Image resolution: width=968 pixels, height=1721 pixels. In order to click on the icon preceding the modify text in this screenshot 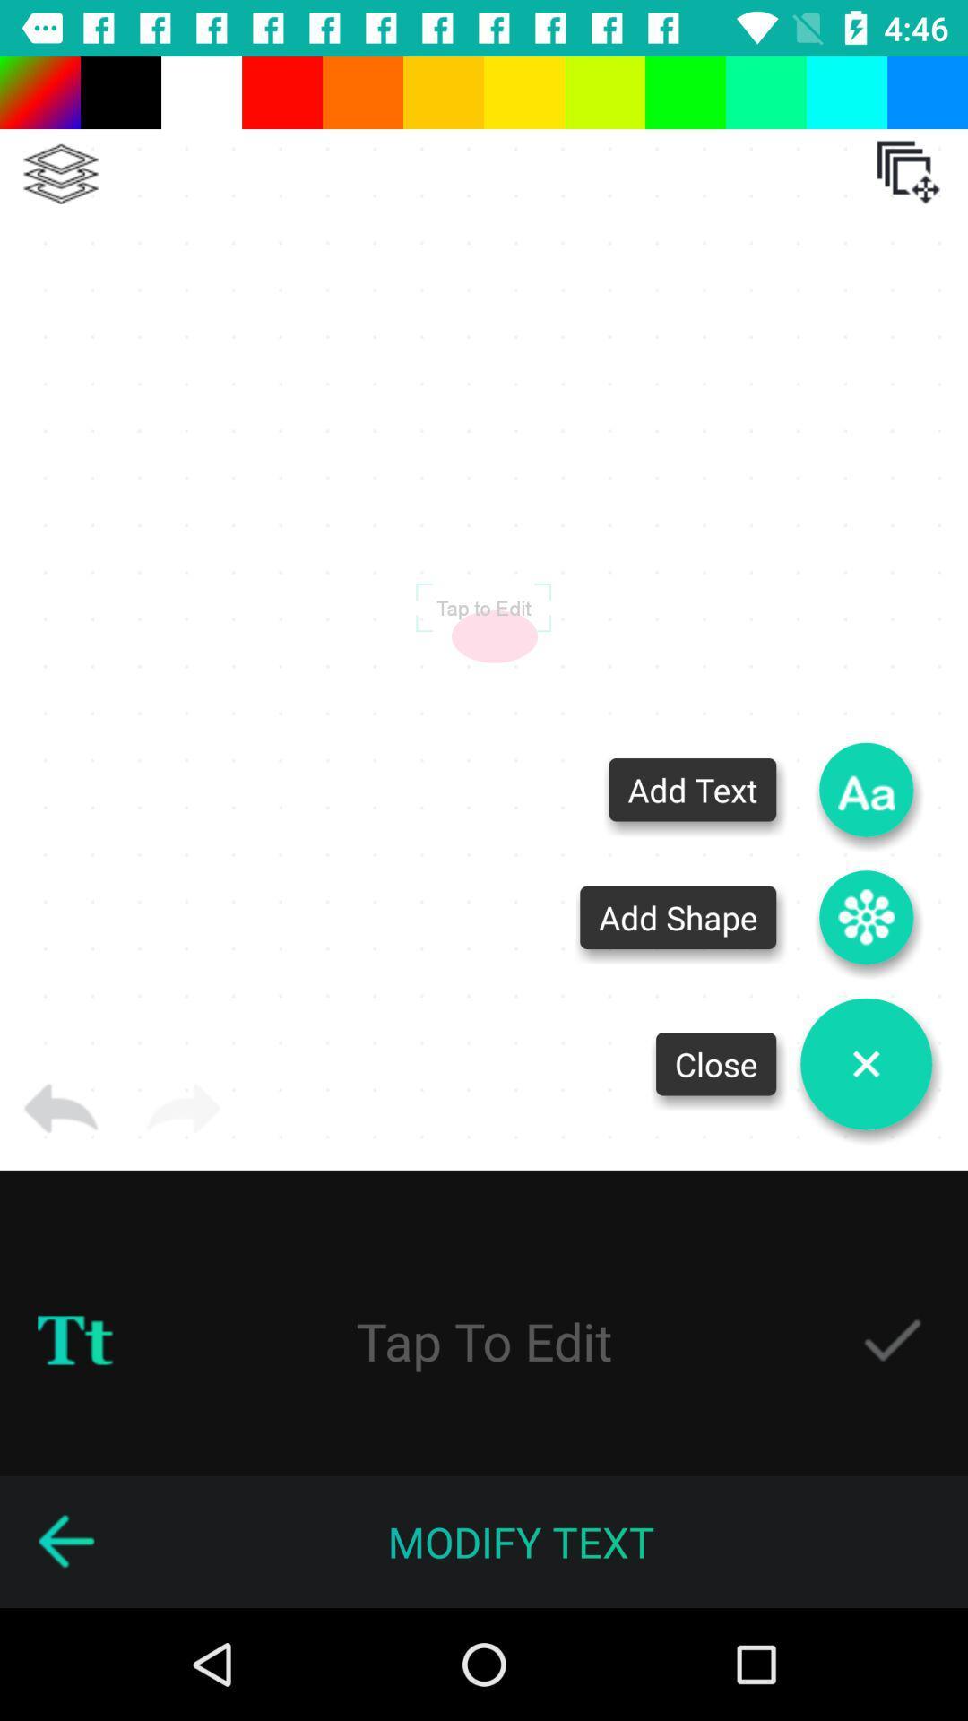, I will do `click(65, 1542)`.